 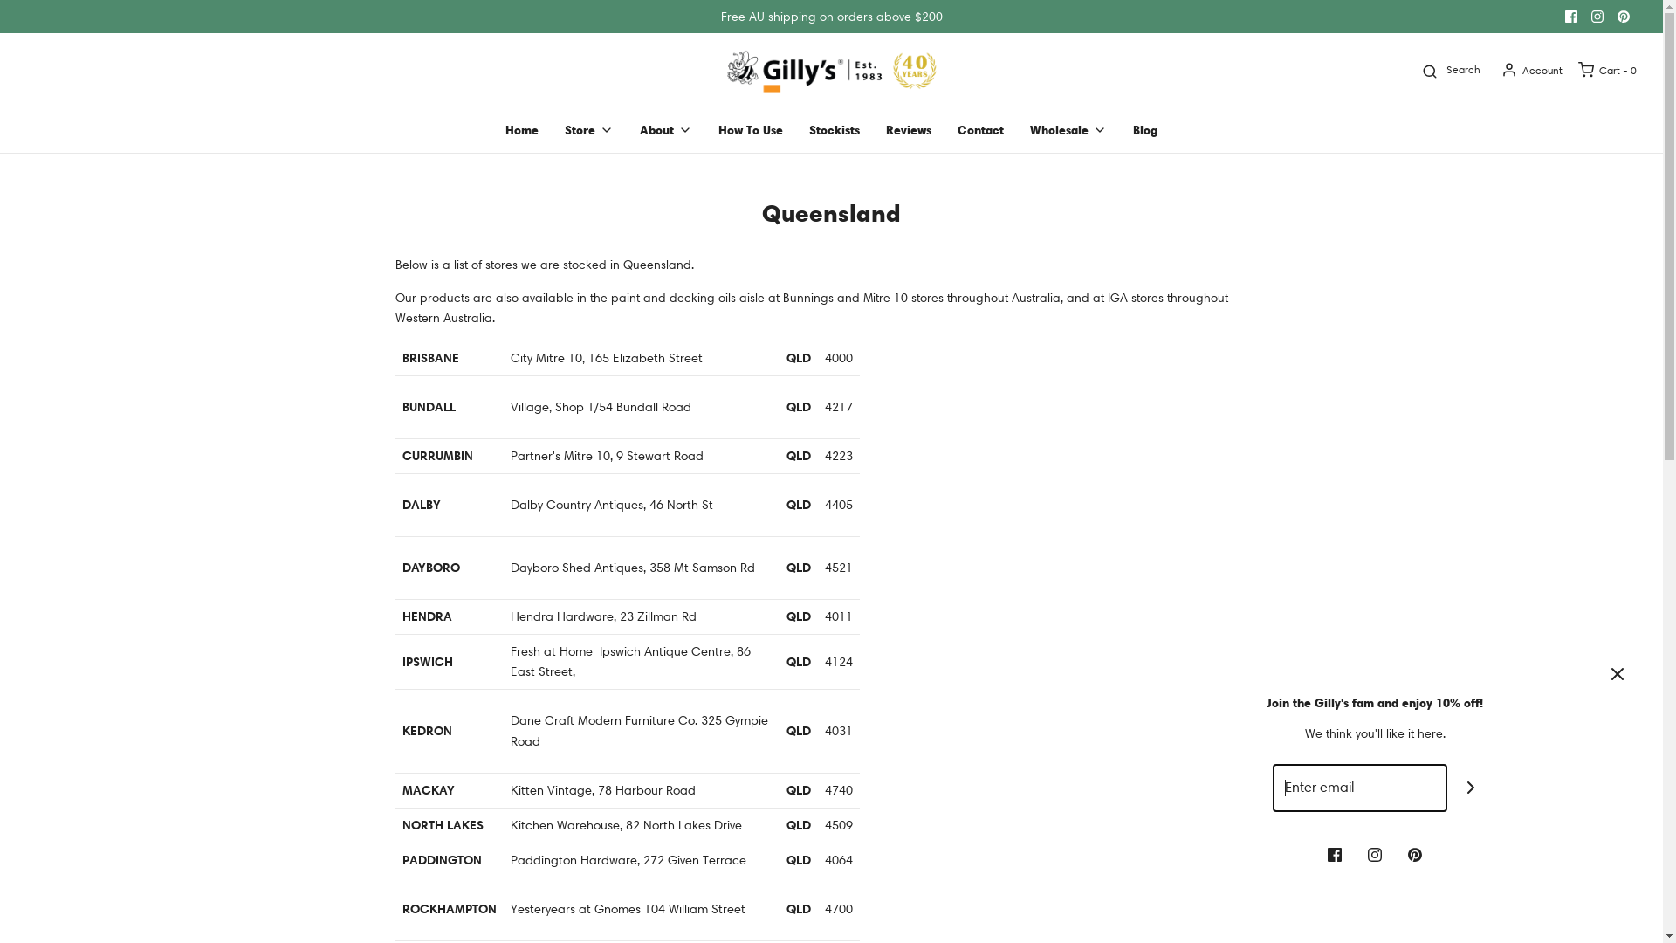 What do you see at coordinates (603, 720) in the screenshot?
I see `'Dane Craft Modern Furniture Co.'` at bounding box center [603, 720].